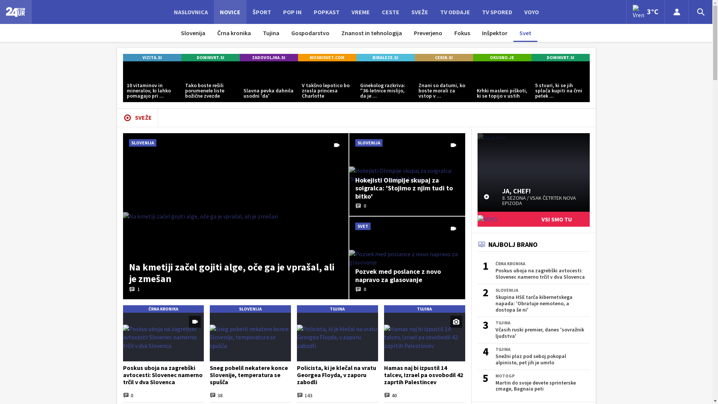 Image resolution: width=718 pixels, height=404 pixels. Describe the element at coordinates (269, 57) in the screenshot. I see `'ZADOVOLJNA.SI'` at that location.